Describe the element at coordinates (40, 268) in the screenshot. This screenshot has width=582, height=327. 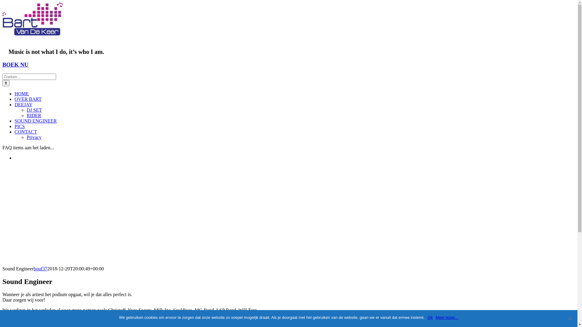
I see `'bouf37'` at that location.